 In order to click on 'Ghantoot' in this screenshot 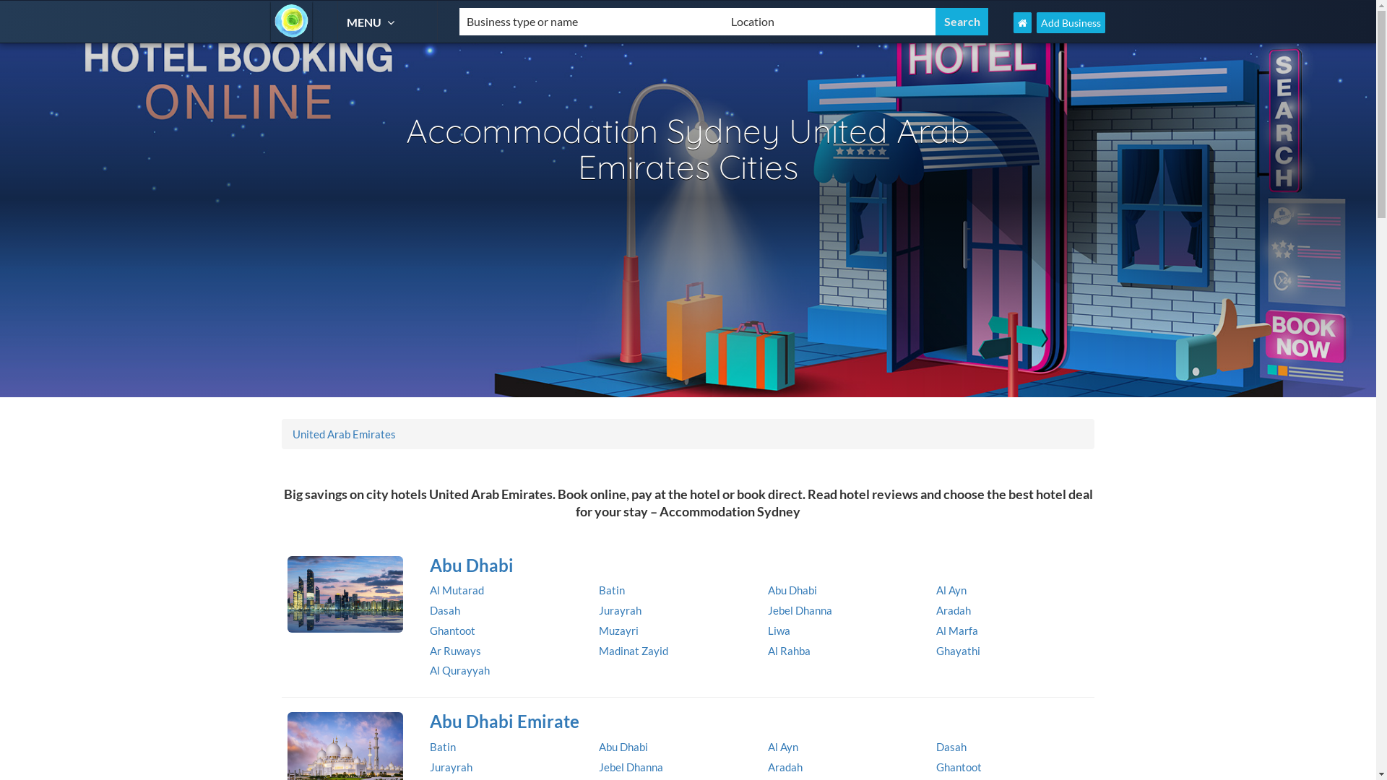, I will do `click(451, 629)`.